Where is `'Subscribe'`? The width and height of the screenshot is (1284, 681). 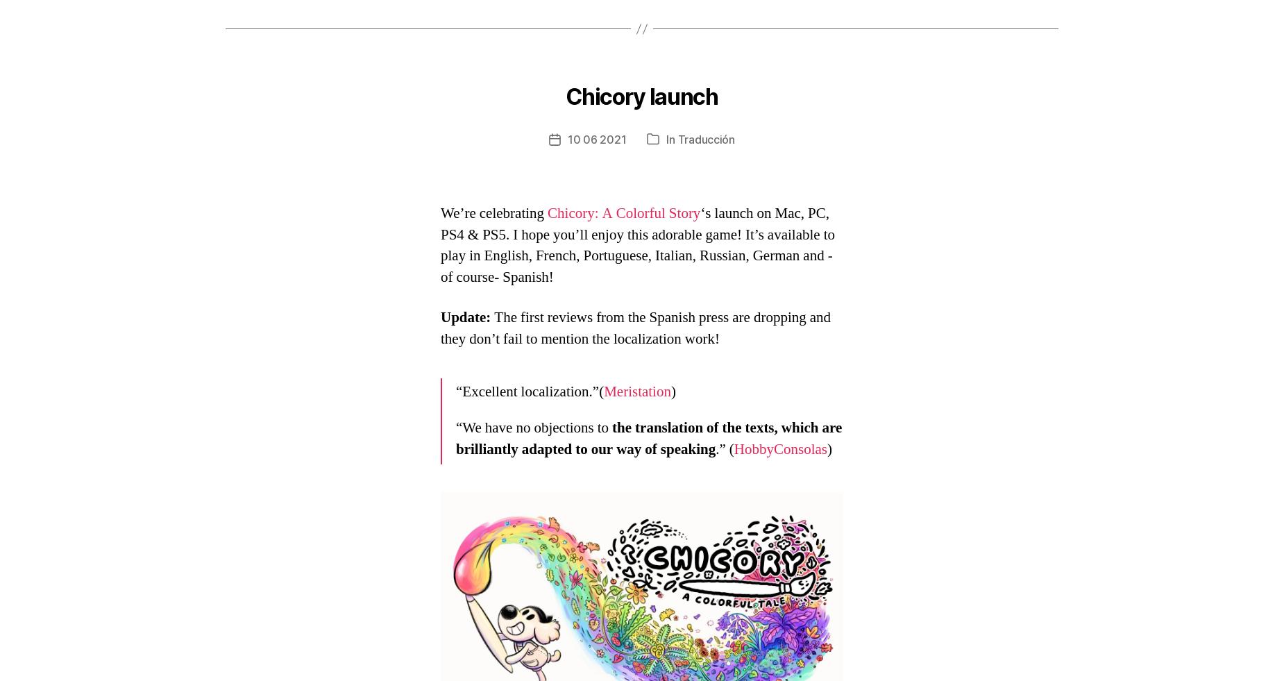
'Subscribe' is located at coordinates (331, 407).